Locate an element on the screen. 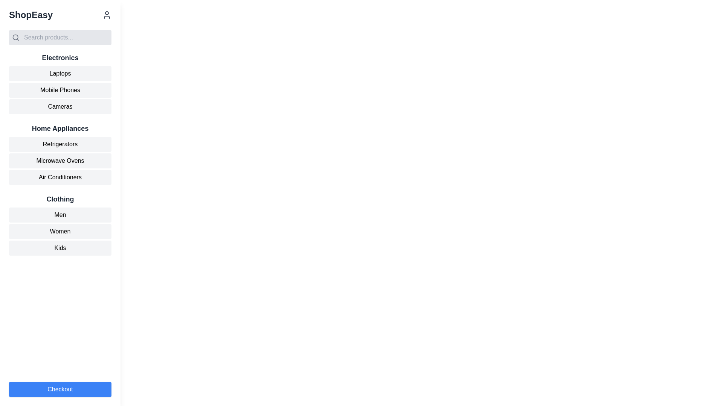 The width and height of the screenshot is (723, 406). the circular shape of the search icon located in the top-left area of the application, which has a gray border and is centered within the SVG group is located at coordinates (15, 37).